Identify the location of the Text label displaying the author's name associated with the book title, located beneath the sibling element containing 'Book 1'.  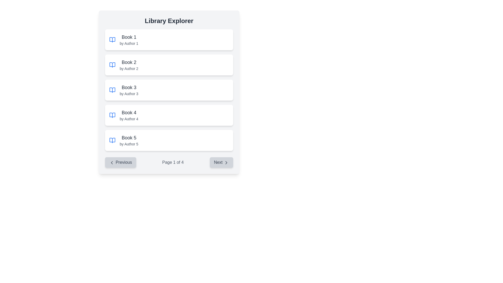
(129, 43).